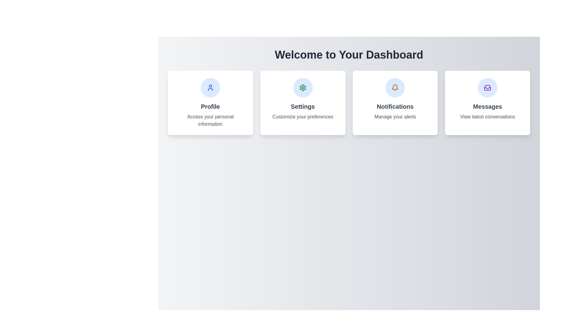  What do you see at coordinates (303, 106) in the screenshot?
I see `the 'Settings' title text element within the card layout, which is positioned below the settings icon and above the descriptive text 'Customize your preferences'` at bounding box center [303, 106].